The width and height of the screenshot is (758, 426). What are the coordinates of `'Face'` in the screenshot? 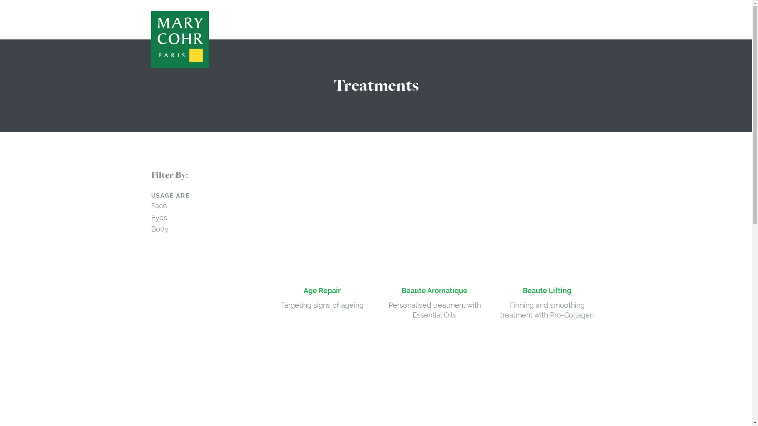 It's located at (158, 205).